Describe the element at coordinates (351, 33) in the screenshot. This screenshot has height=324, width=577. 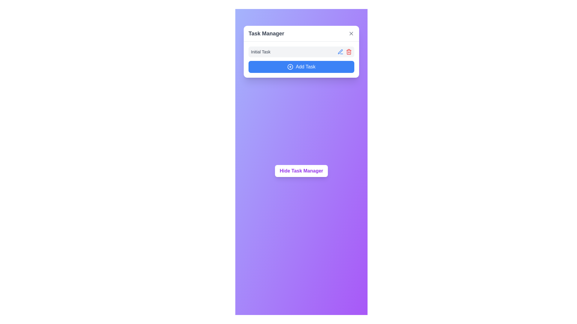
I see `the close icon, which is a diagonal line forming part of an 'X' symbol, located at the top right corner of the interface within the 'Task Manager' box` at that location.